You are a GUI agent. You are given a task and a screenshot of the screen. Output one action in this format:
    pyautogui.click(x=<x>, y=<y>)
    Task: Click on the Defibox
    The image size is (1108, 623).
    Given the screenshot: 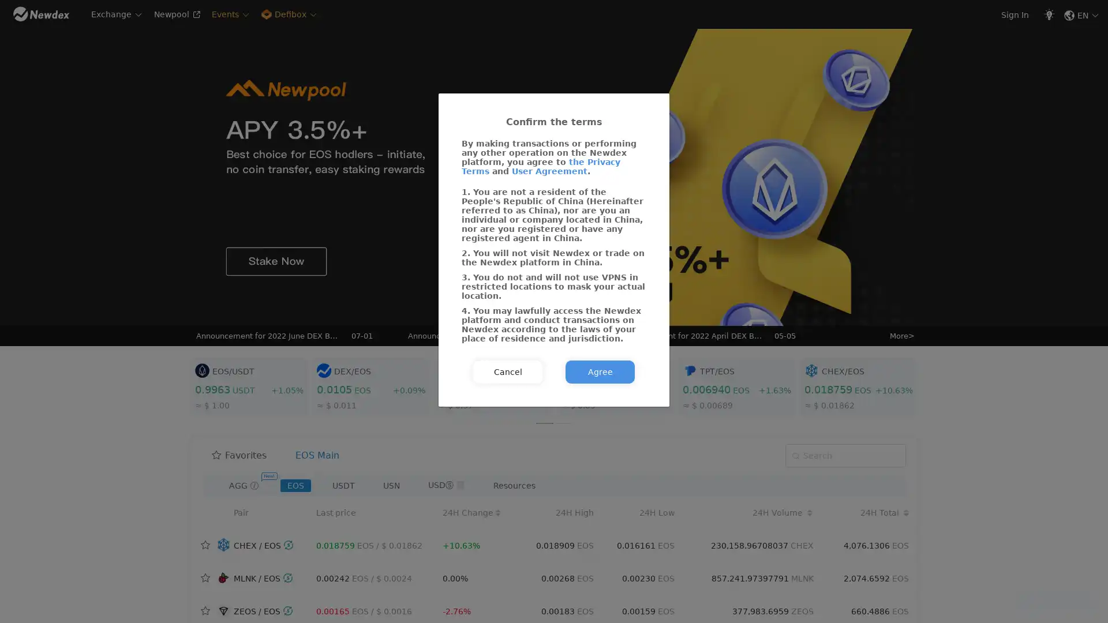 What is the action you would take?
    pyautogui.click(x=289, y=13)
    